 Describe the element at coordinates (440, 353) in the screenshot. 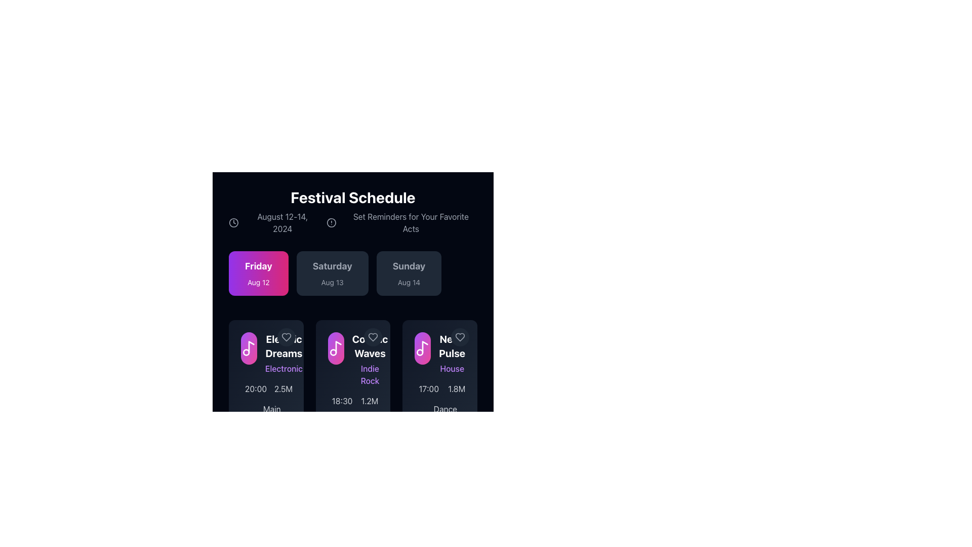

I see `the content card block representing the event listing in the third column below the 'Friday August 12' header` at that location.